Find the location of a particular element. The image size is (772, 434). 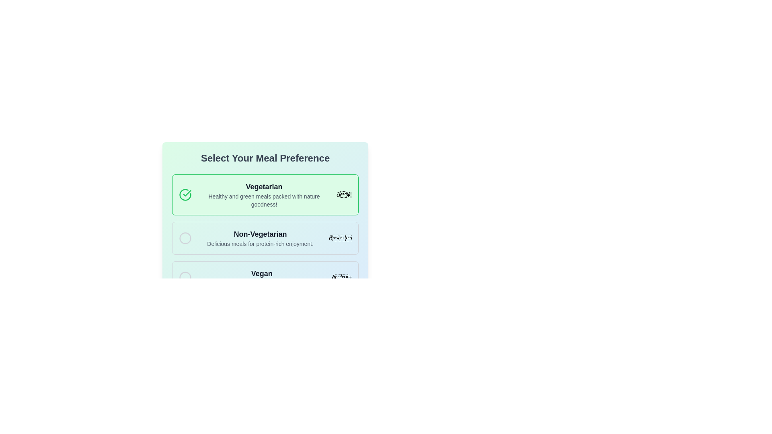

the 'Non-Vegetarian' meal option icon, which is represented by an emoji and is located under the 'Non-Vegetarian' section in the meal preference selection interface is located at coordinates (340, 237).